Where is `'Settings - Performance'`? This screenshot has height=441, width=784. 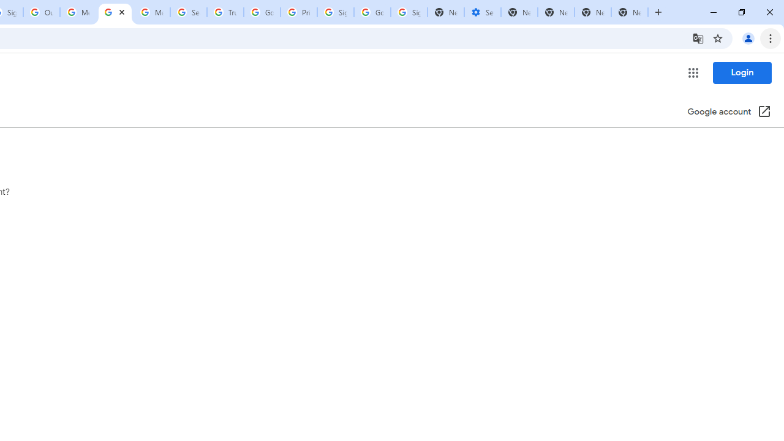
'Settings - Performance' is located at coordinates (481, 12).